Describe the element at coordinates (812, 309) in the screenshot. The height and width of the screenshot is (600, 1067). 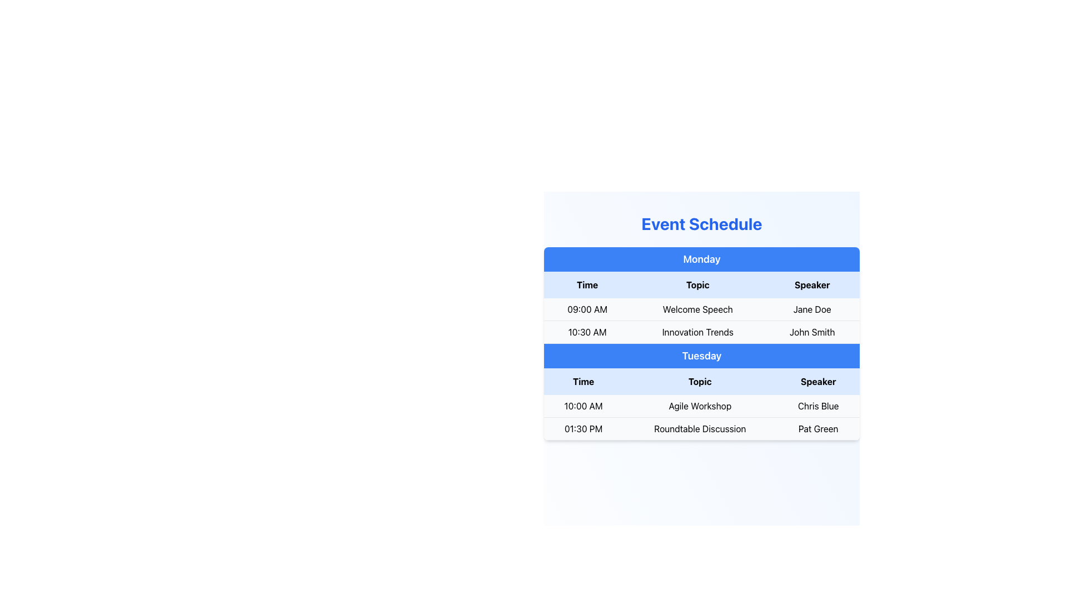
I see `the text label displaying the name of the speaker, 'Jane Doe', located in the 'Speaker' column of the event schedule for '09:00 AM' on Monday` at that location.